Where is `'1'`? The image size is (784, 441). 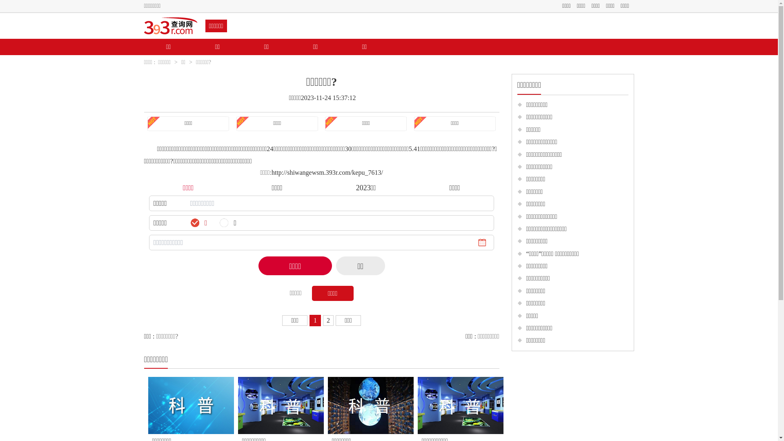 '1' is located at coordinates (315, 320).